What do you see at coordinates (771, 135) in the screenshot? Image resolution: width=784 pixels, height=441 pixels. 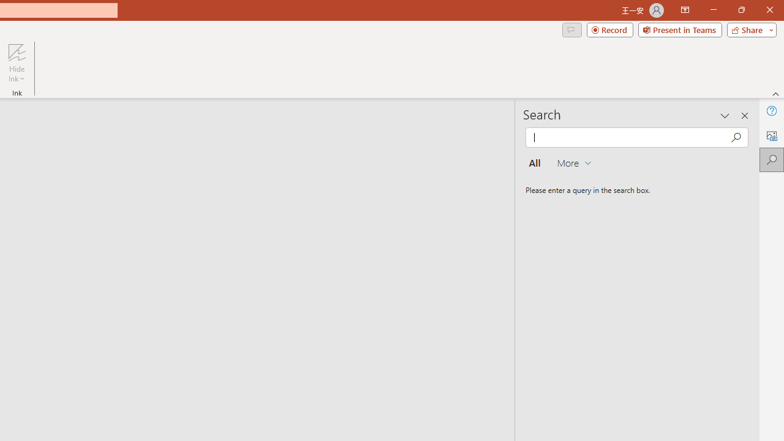 I see `'Alt Text'` at bounding box center [771, 135].